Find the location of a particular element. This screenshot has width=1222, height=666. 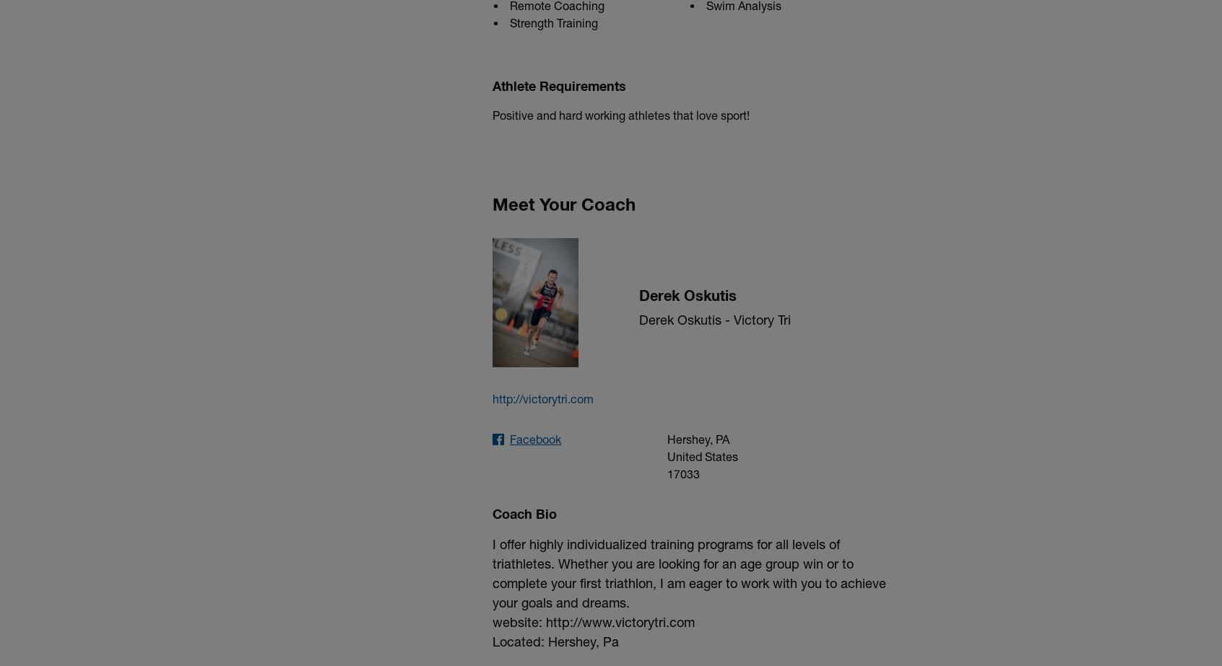

'Meet Your Coach' is located at coordinates (563, 203).